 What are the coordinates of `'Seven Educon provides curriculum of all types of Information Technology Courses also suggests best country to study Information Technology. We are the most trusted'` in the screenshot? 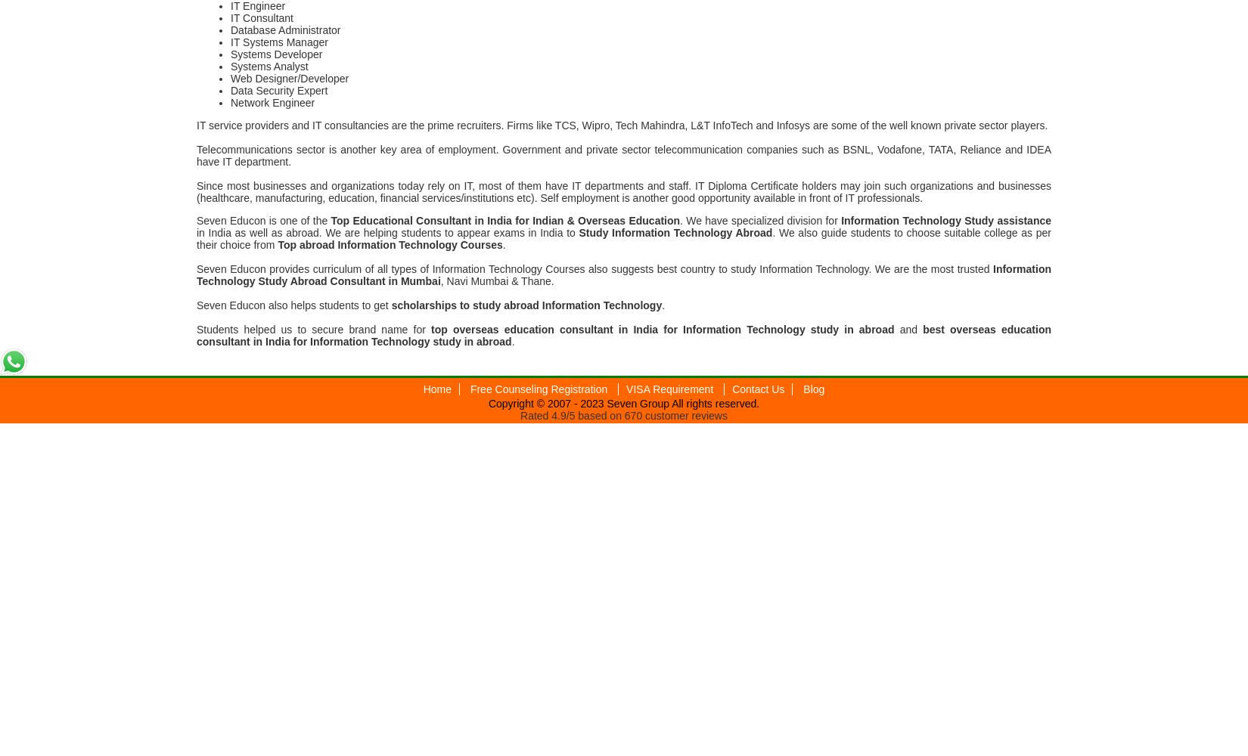 It's located at (197, 268).